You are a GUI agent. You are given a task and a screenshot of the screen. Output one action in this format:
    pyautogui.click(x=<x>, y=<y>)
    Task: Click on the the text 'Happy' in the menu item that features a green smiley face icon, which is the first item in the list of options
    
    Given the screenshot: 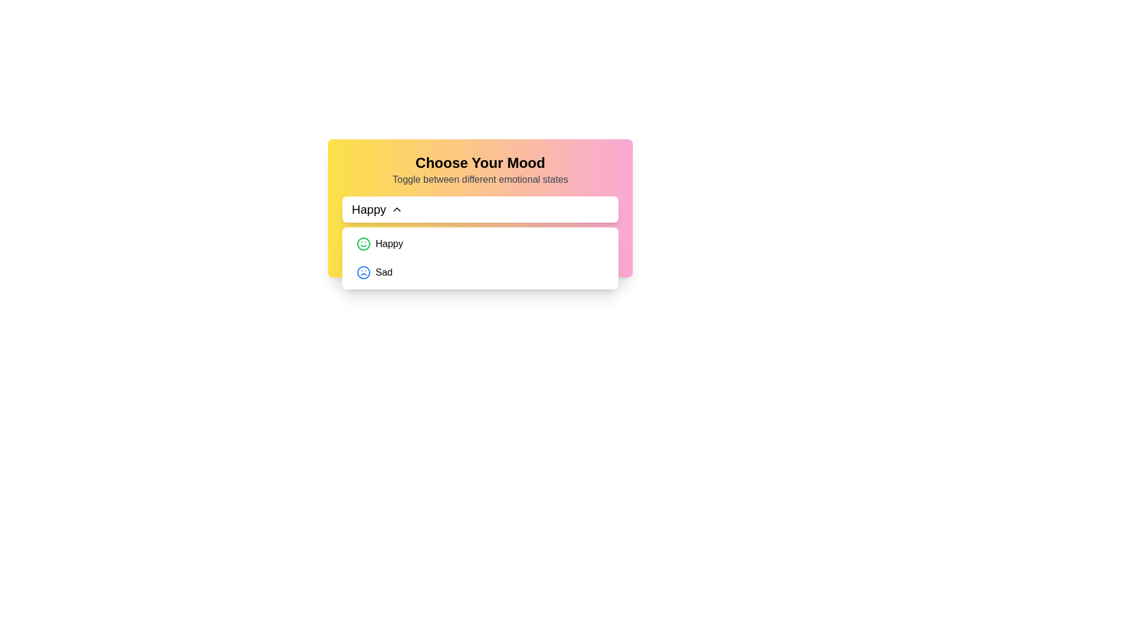 What is the action you would take?
    pyautogui.click(x=379, y=243)
    